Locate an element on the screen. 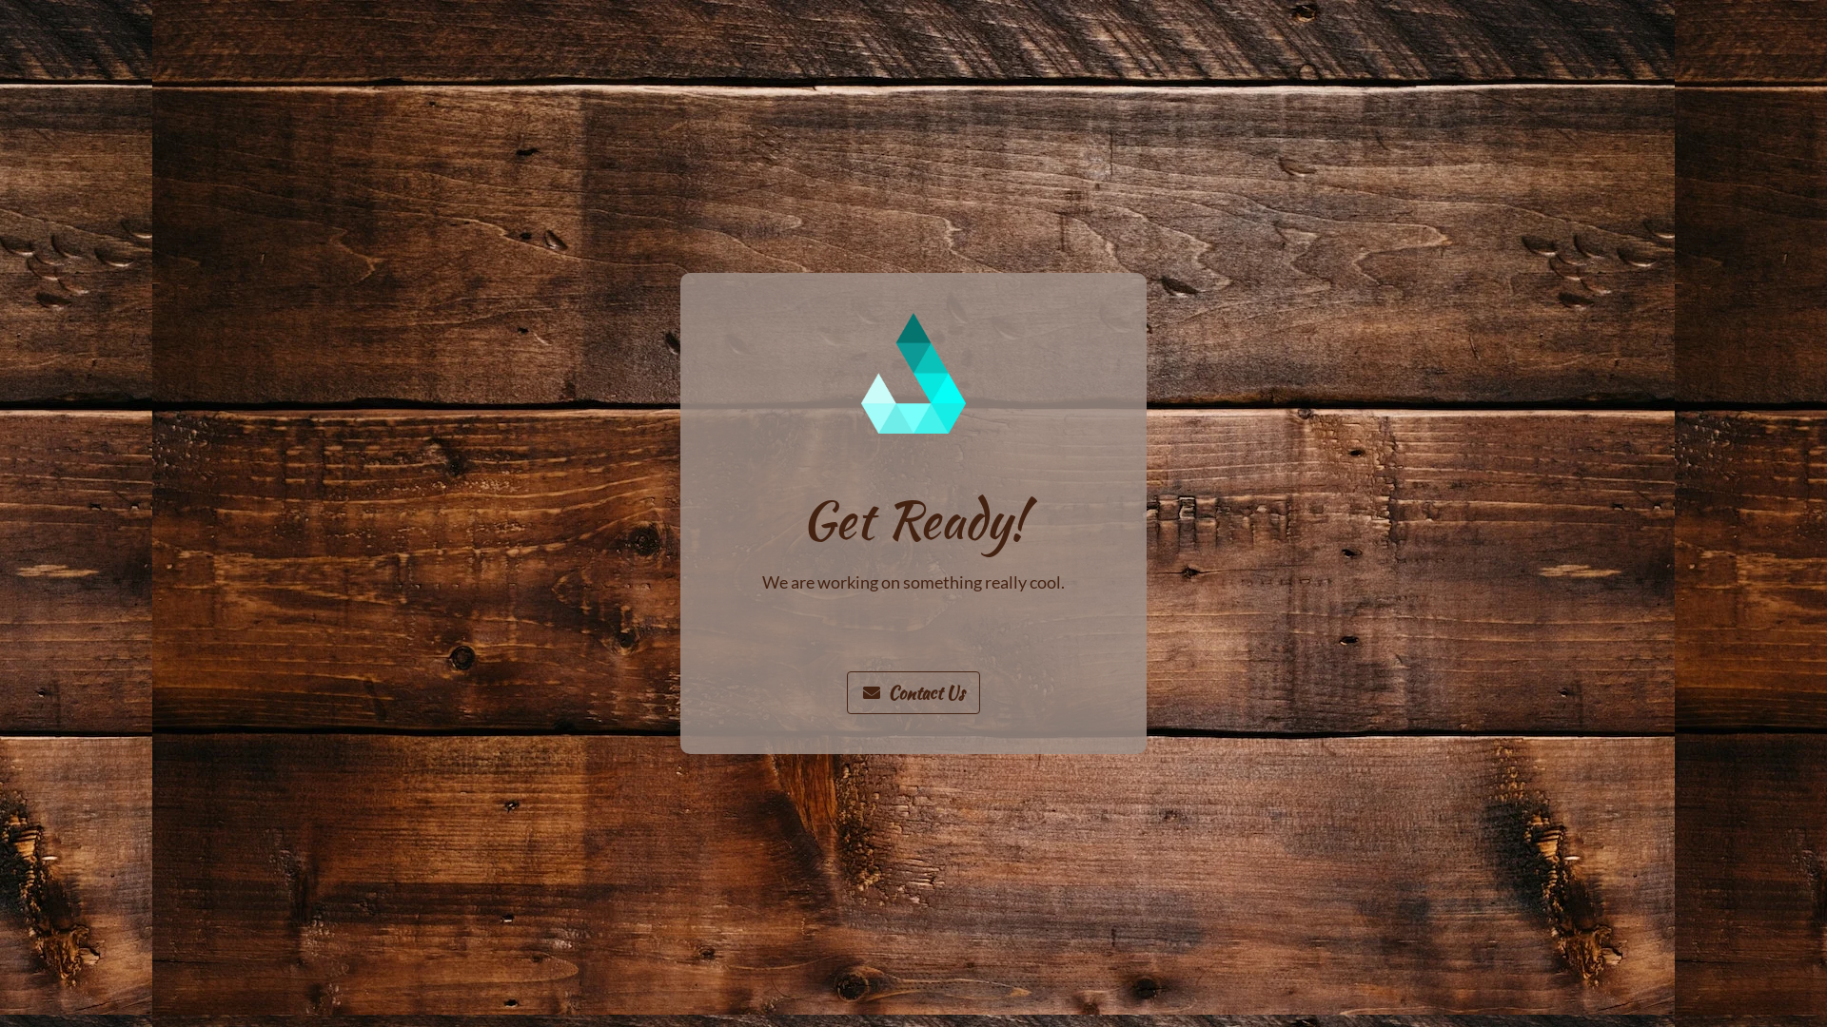 This screenshot has height=1027, width=1827. 'Contact Us' is located at coordinates (913, 692).